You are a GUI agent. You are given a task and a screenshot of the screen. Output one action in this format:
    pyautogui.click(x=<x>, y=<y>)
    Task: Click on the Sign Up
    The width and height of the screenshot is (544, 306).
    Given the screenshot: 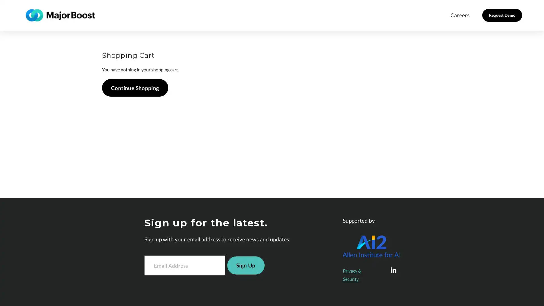 What is the action you would take?
    pyautogui.click(x=246, y=265)
    